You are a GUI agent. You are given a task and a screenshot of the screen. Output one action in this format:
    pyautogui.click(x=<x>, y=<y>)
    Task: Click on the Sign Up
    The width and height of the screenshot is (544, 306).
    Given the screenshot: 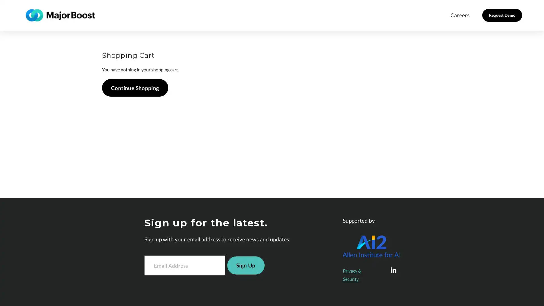 What is the action you would take?
    pyautogui.click(x=246, y=265)
    